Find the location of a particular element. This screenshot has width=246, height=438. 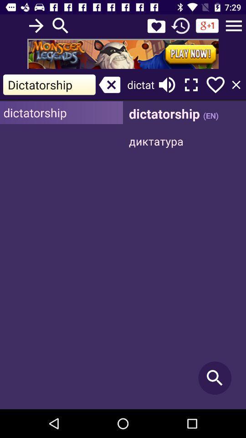

game is located at coordinates (123, 53).